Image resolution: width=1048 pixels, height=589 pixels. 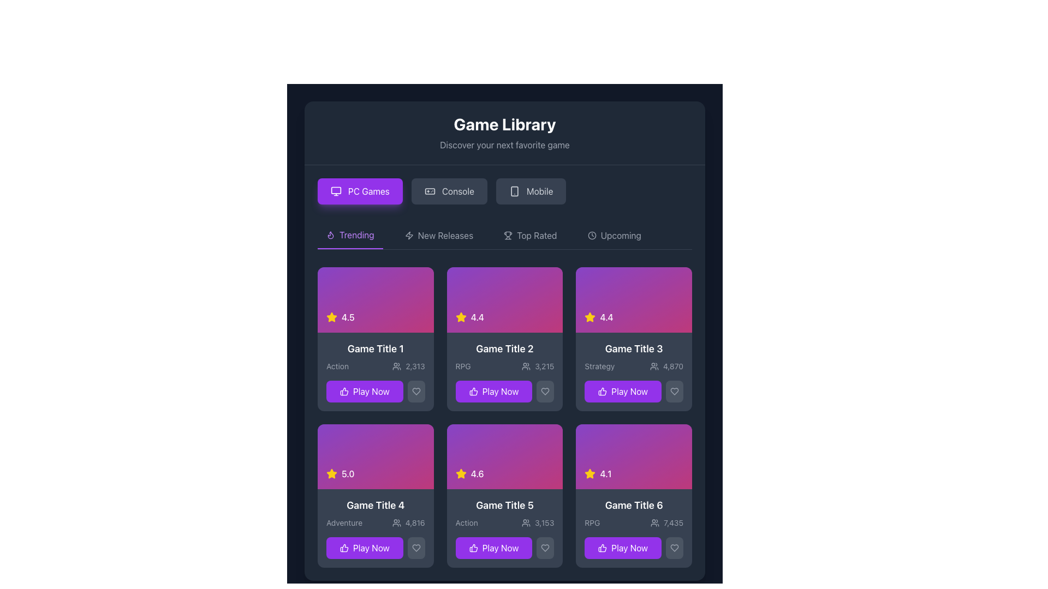 What do you see at coordinates (504, 548) in the screenshot?
I see `the keyboard interactions for the primary call-to-action button located at the bottom of the fifth game card titled 'Game Title 5'` at bounding box center [504, 548].